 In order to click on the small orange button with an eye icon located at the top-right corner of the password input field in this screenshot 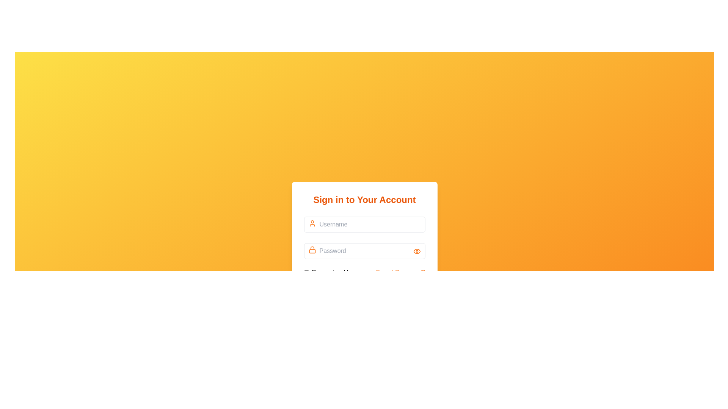, I will do `click(416, 251)`.